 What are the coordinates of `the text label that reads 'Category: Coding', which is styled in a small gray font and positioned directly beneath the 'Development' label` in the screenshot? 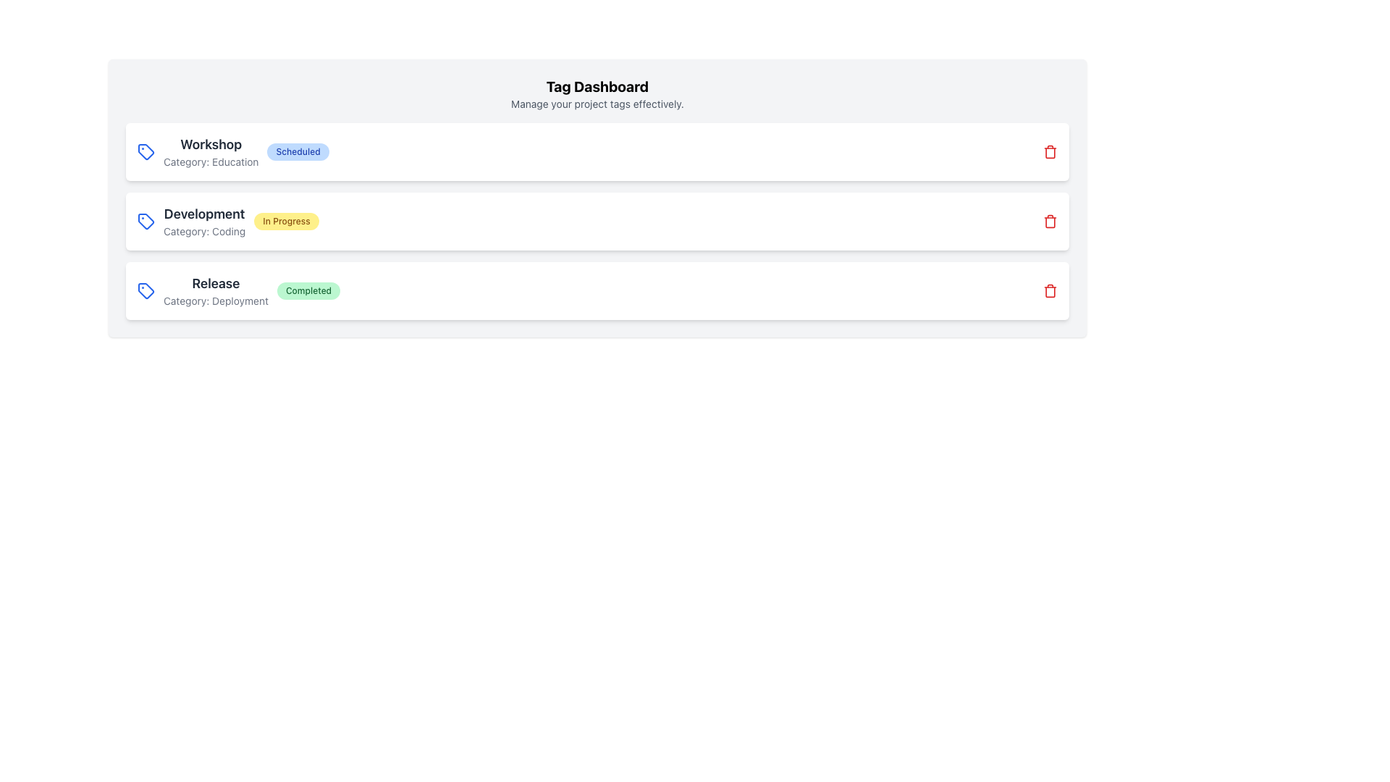 It's located at (203, 231).